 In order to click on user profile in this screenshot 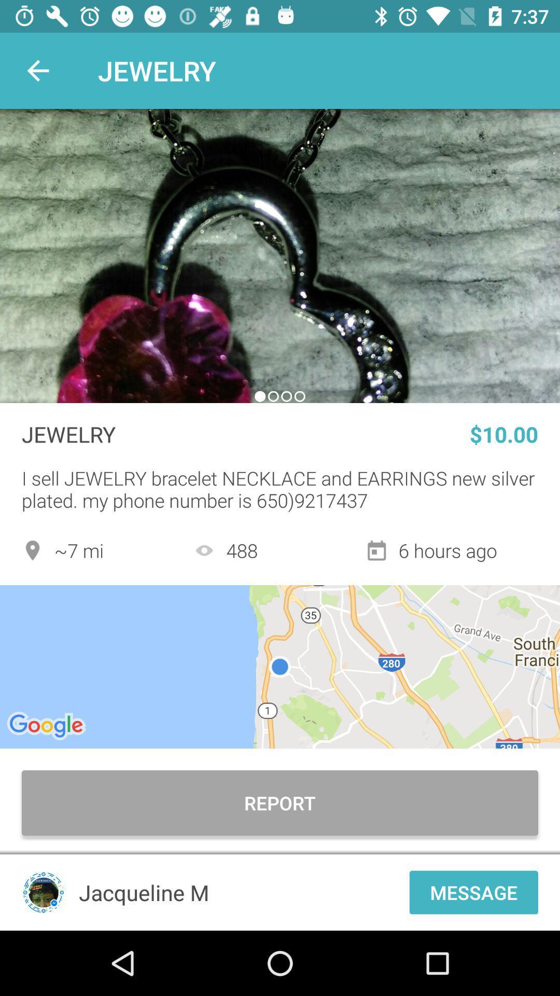, I will do `click(43, 892)`.